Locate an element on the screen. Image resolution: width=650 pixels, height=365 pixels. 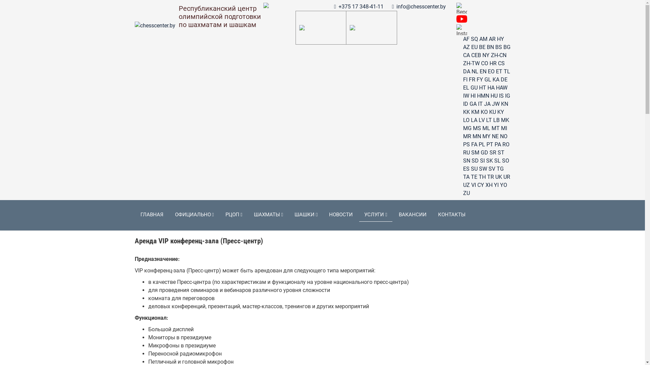
'KA' is located at coordinates (492, 79).